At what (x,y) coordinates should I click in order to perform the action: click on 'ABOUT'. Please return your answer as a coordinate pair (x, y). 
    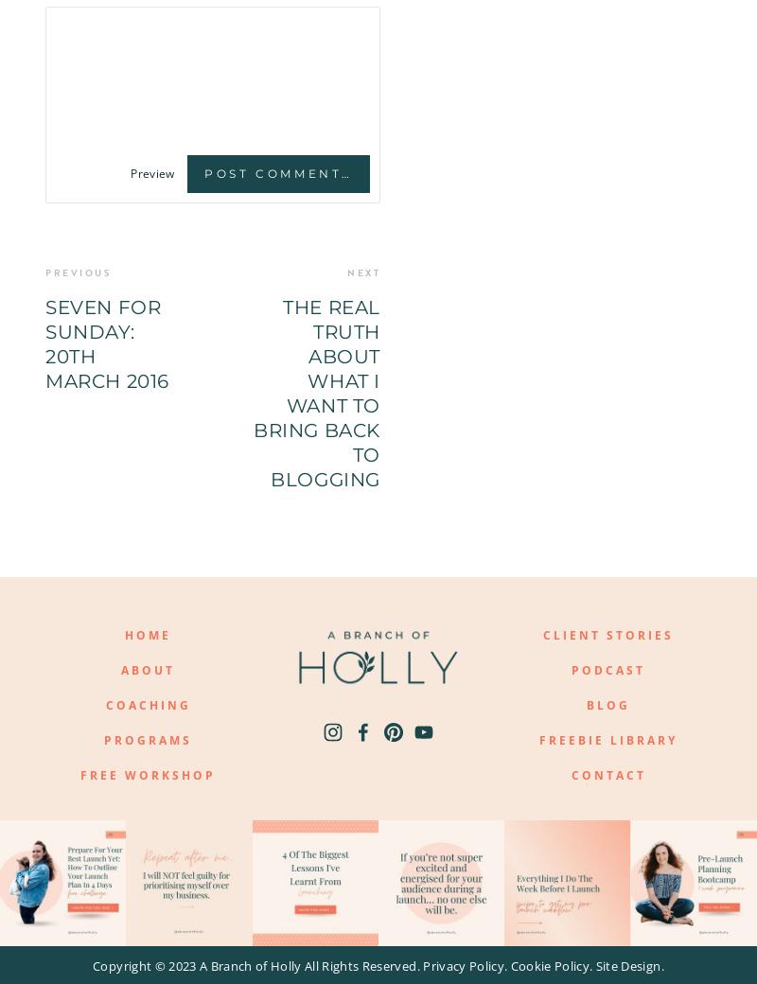
    Looking at the image, I should click on (120, 670).